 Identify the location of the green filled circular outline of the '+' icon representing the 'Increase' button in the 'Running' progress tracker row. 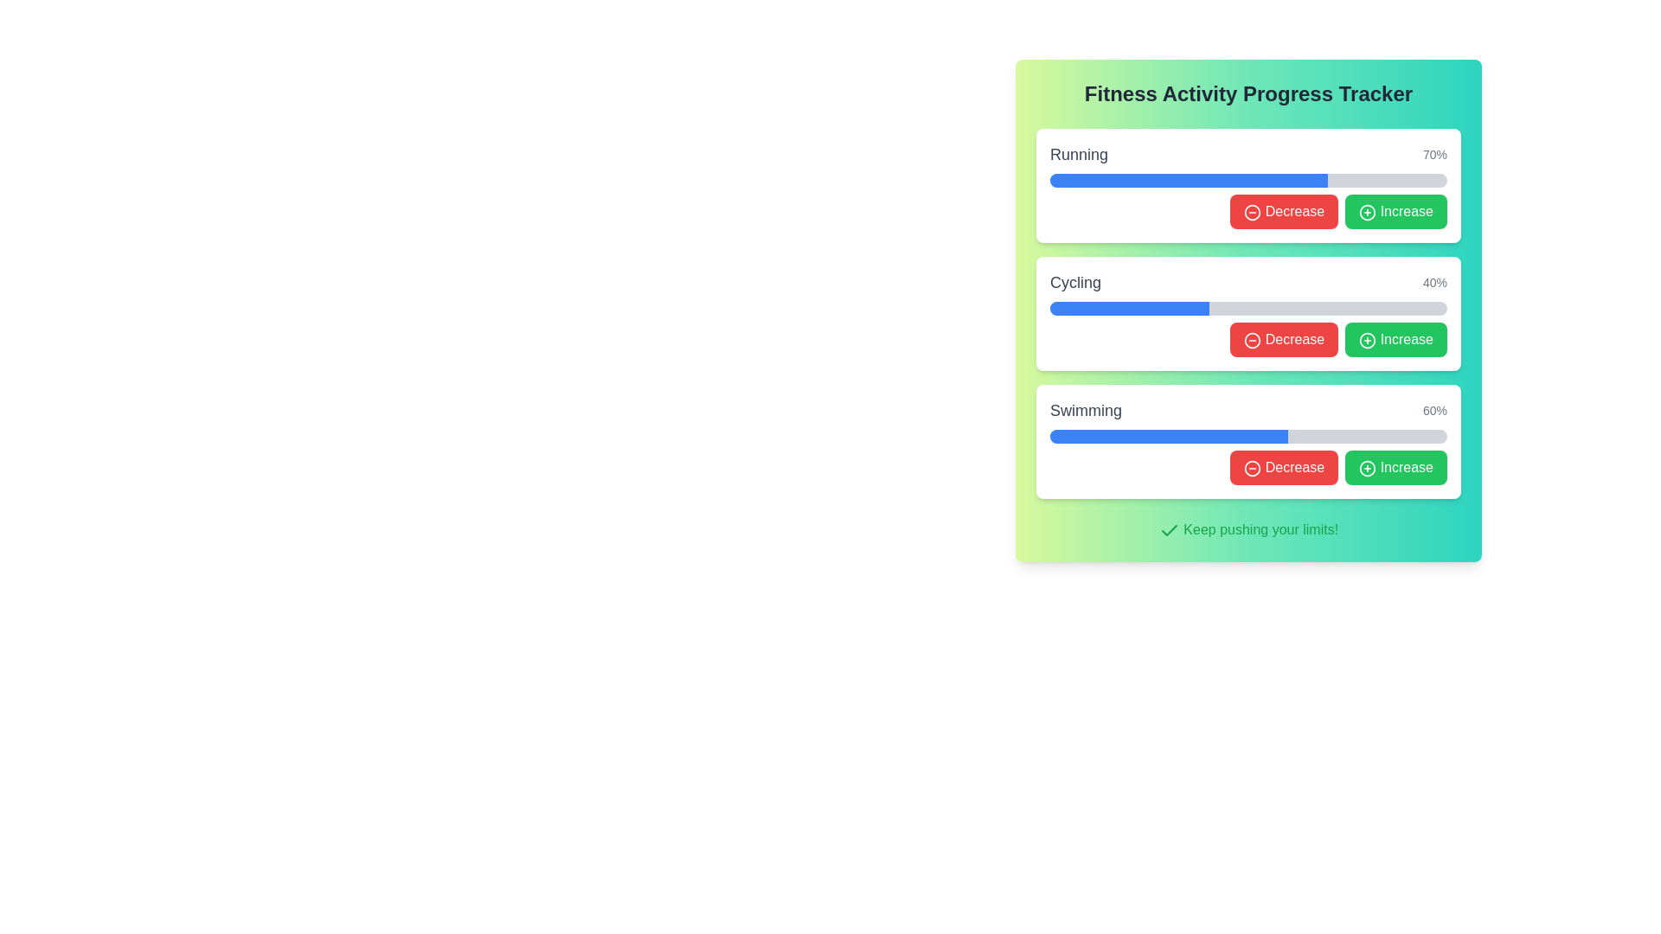
(1367, 211).